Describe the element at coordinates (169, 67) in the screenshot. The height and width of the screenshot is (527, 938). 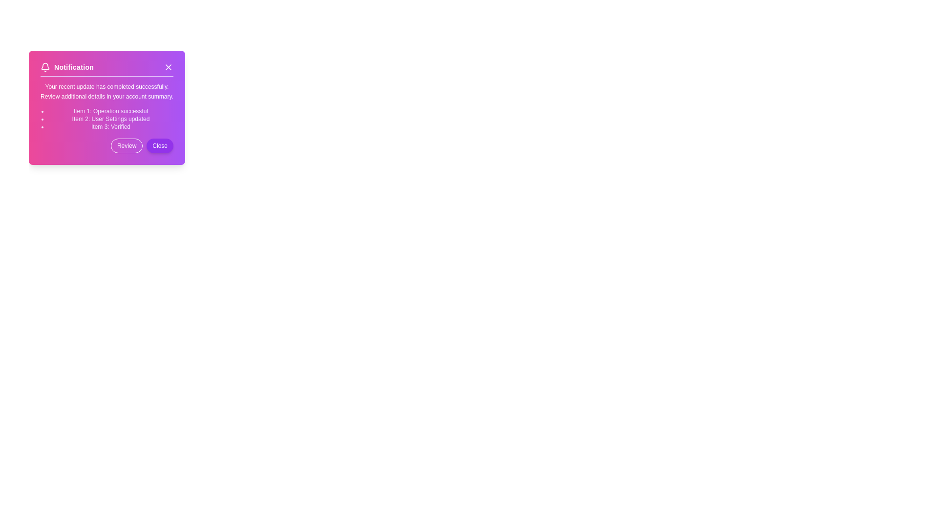
I see `the close graphical icon located in the top-right corner of the notification dialog` at that location.